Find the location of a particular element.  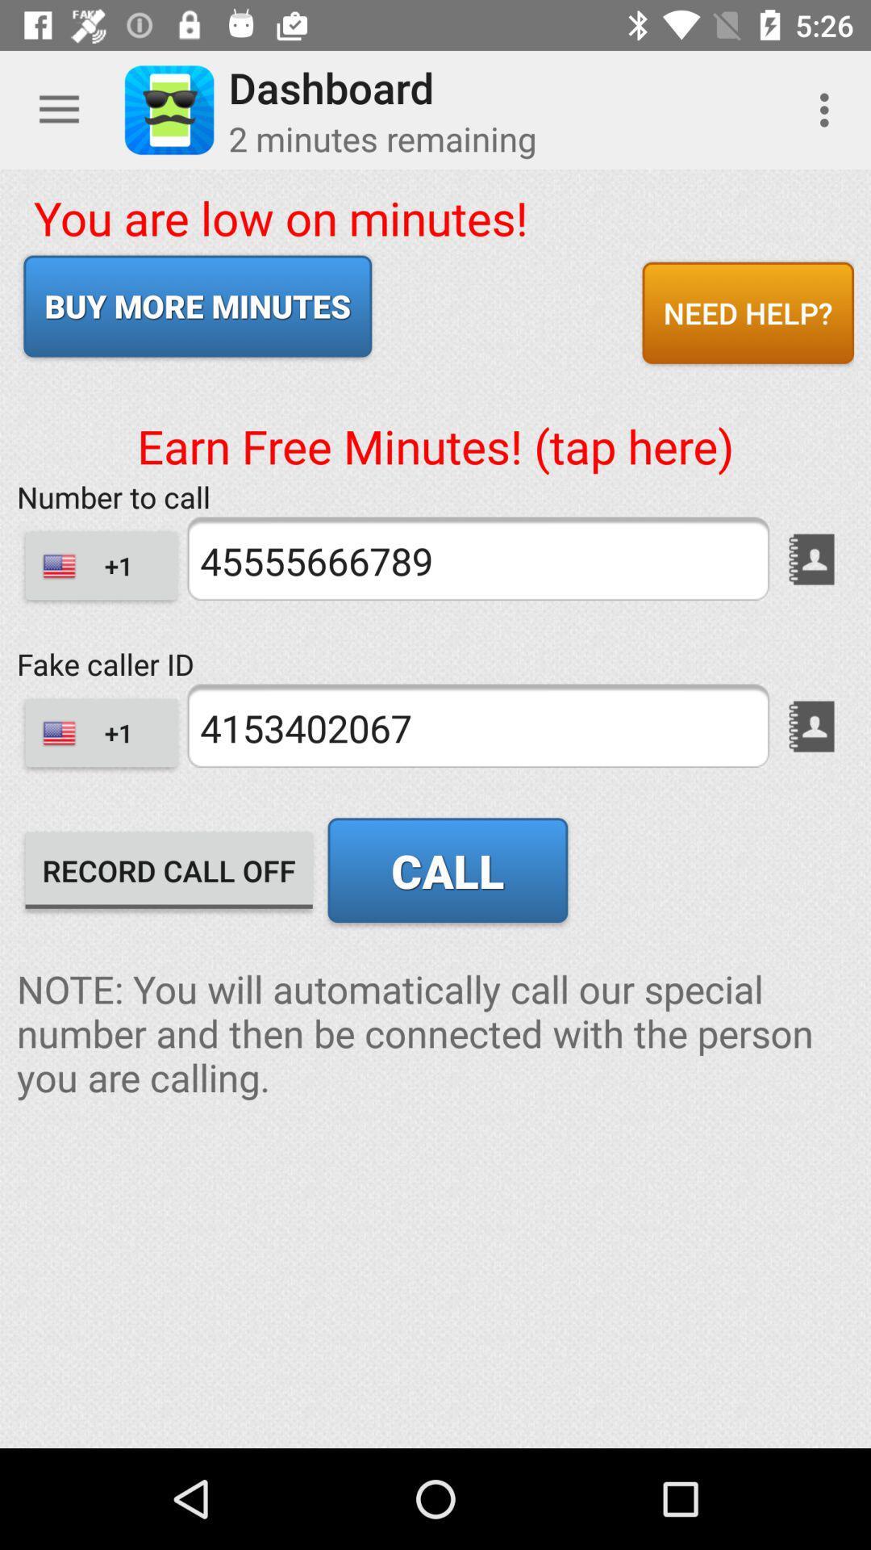

open contacts is located at coordinates (811, 559).